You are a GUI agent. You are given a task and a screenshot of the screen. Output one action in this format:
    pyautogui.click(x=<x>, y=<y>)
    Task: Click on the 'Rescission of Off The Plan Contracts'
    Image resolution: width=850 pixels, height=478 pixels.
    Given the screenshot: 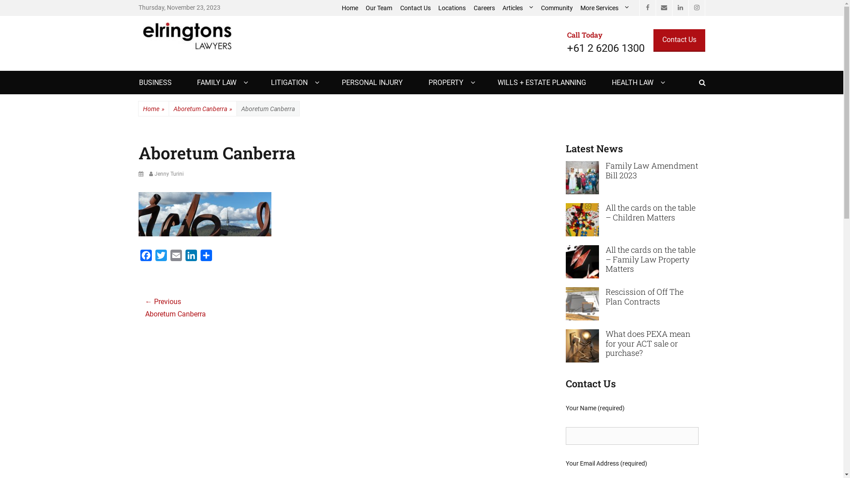 What is the action you would take?
    pyautogui.click(x=644, y=297)
    